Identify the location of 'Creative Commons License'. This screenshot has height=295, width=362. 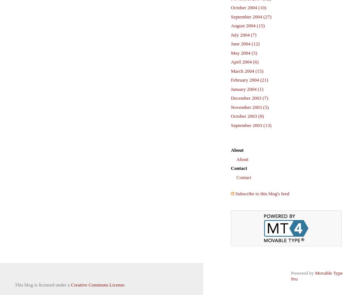
(71, 284).